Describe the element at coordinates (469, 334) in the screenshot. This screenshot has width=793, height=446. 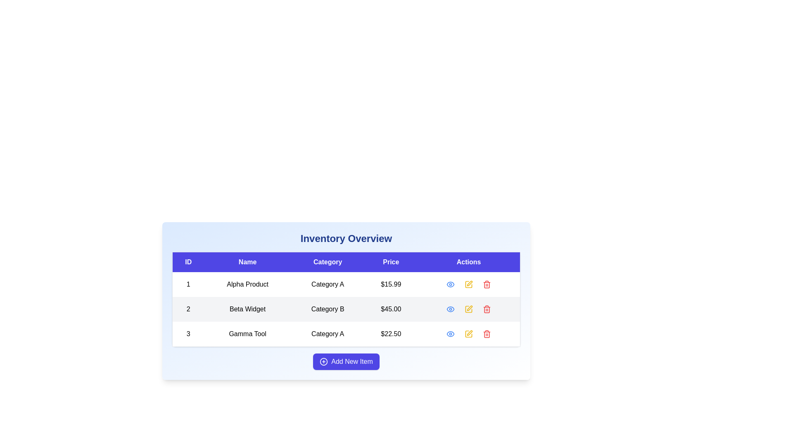
I see `the edit IconButton located in the 'Actions' column of the third row to initiate an edit action` at that location.